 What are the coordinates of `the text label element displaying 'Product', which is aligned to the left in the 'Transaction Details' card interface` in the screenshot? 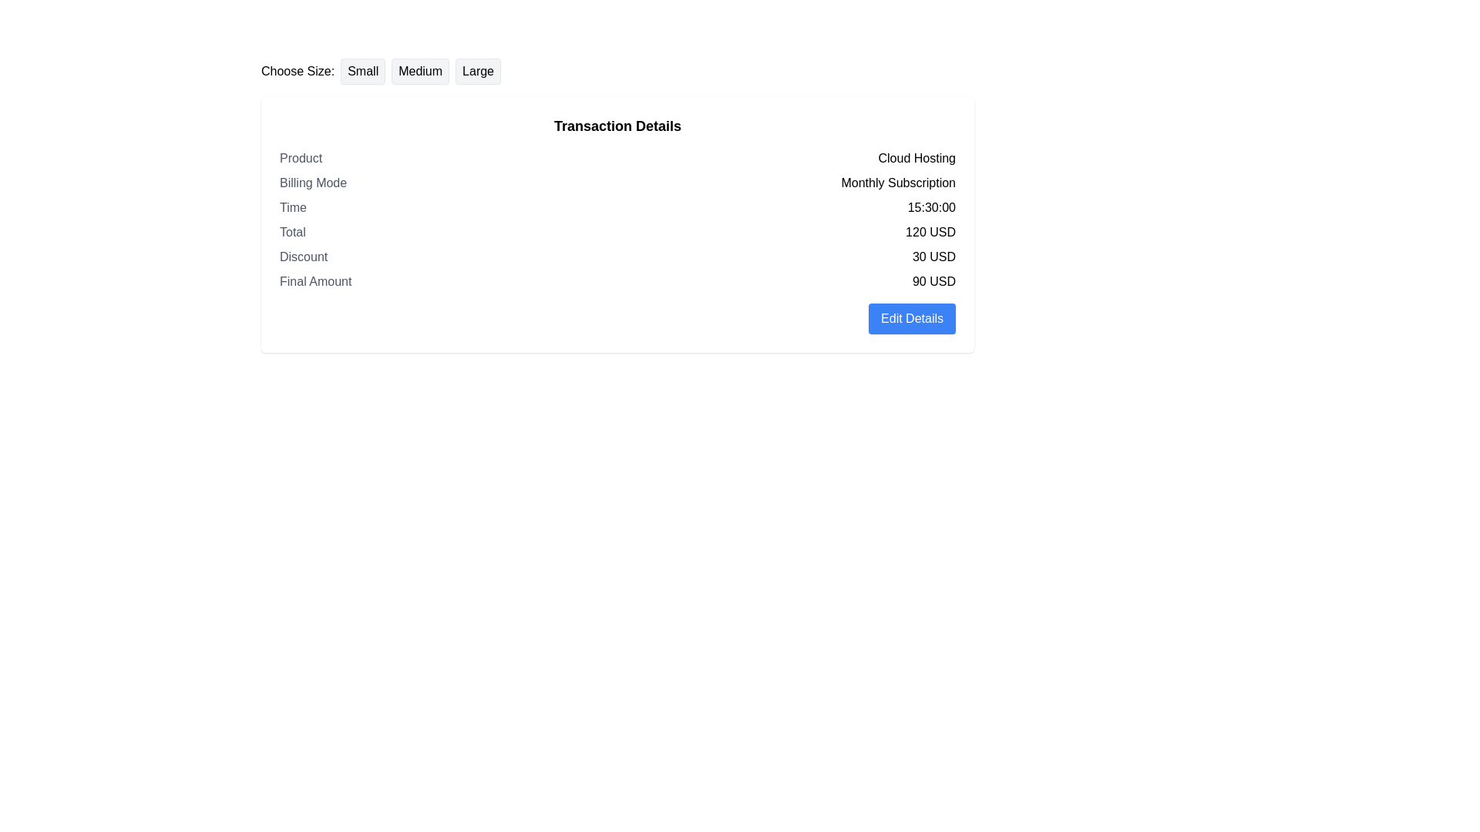 It's located at (301, 158).